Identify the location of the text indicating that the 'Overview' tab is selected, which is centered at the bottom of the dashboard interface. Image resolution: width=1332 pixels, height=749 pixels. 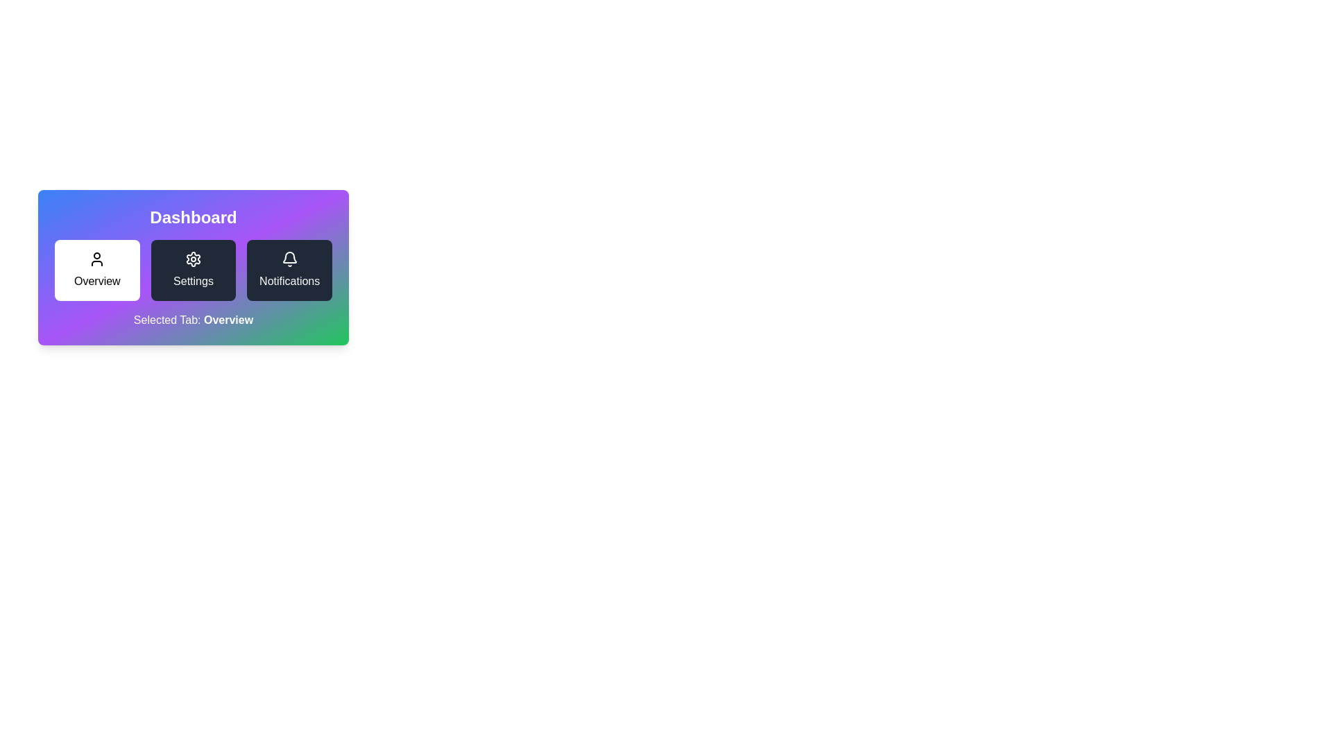
(228, 320).